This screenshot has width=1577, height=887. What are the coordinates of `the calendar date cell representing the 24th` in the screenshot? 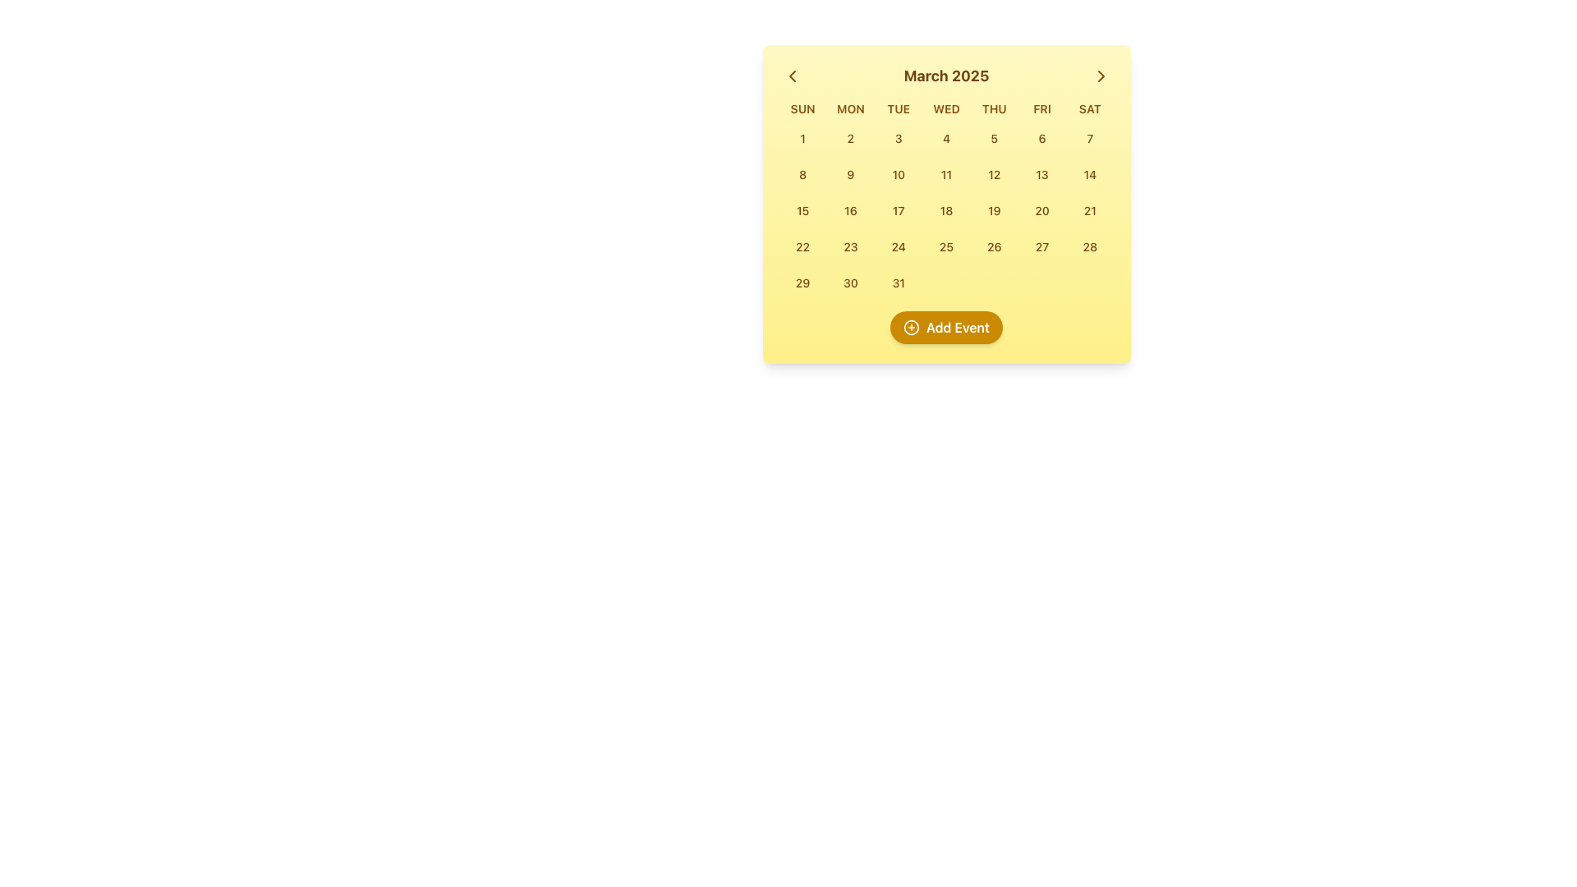 It's located at (898, 246).